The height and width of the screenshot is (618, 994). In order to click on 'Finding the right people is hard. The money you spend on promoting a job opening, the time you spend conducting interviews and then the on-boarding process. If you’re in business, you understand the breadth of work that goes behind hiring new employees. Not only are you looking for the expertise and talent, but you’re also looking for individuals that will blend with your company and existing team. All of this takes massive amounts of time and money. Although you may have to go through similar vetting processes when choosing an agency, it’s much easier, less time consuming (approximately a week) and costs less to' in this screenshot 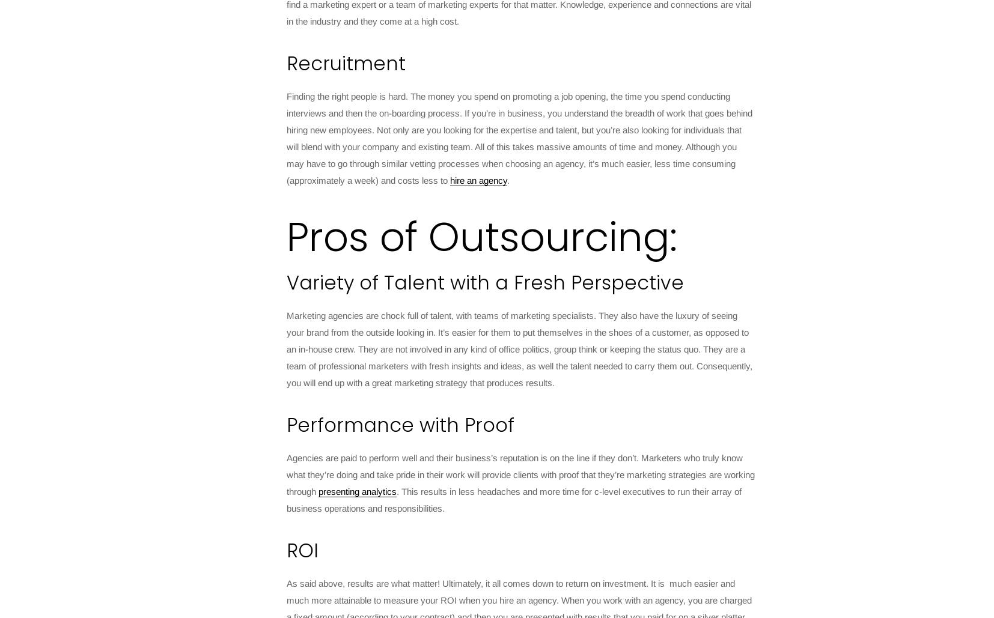, I will do `click(519, 138)`.